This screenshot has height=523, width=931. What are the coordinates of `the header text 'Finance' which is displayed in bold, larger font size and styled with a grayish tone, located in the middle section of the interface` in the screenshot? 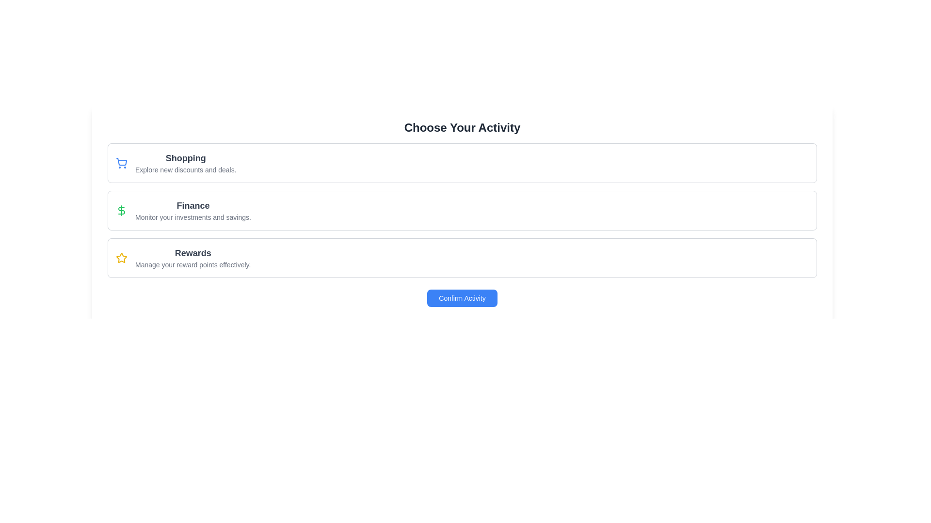 It's located at (193, 205).